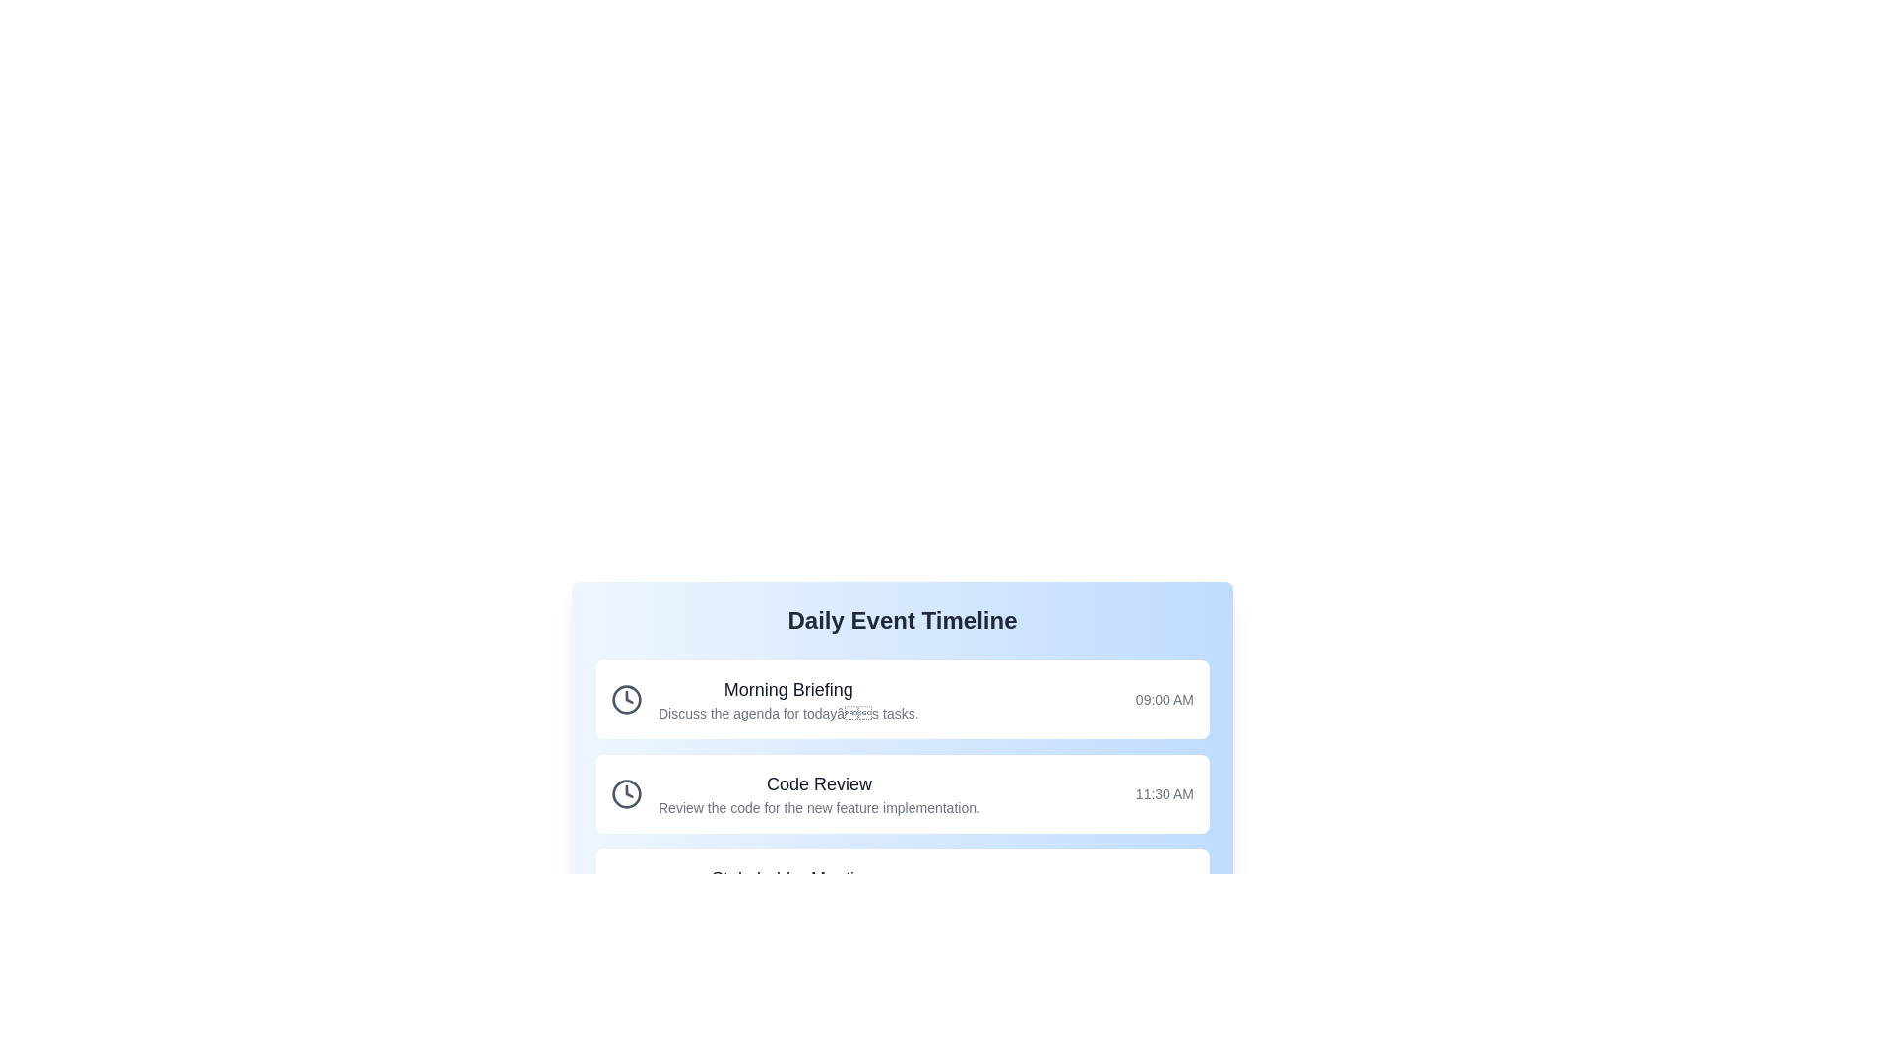  What do you see at coordinates (901, 792) in the screenshot?
I see `the event titled Code Review to trigger its detailed view` at bounding box center [901, 792].